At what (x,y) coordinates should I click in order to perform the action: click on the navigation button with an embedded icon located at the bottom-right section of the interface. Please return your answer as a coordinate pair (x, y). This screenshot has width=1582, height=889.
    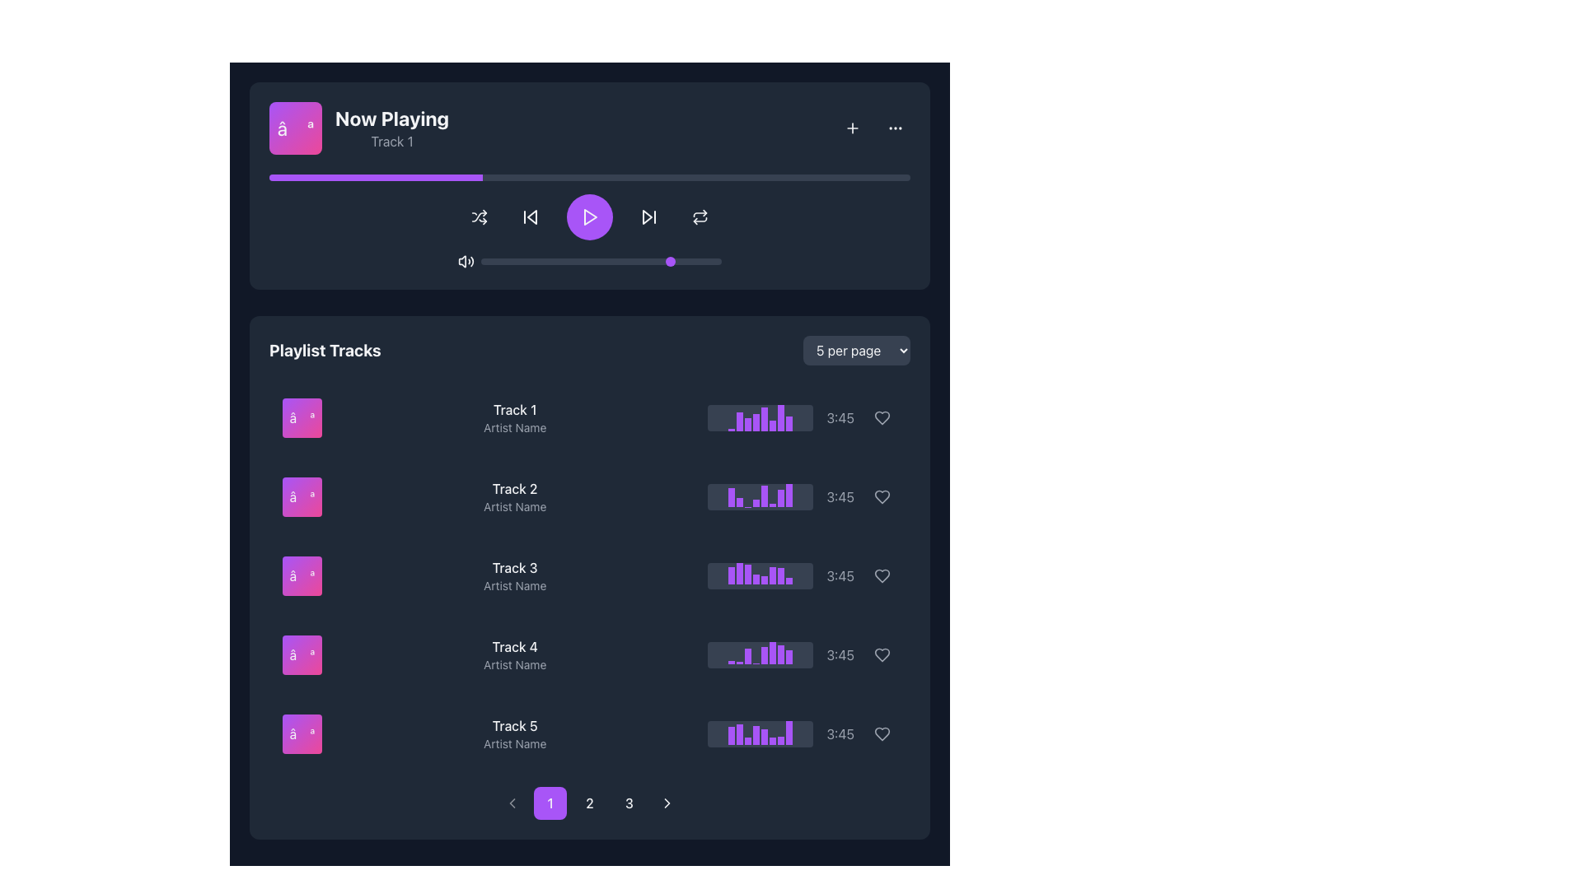
    Looking at the image, I should click on (667, 802).